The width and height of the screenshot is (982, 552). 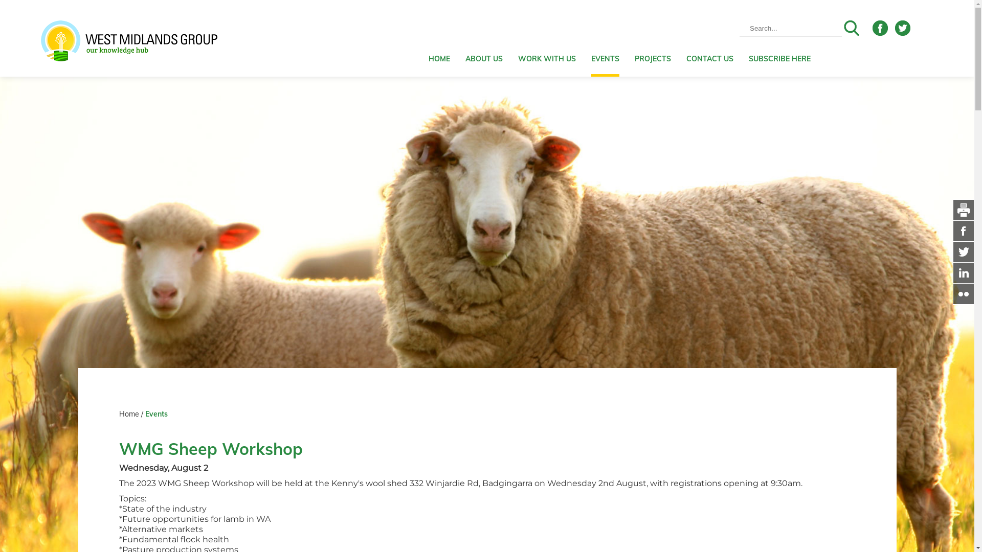 What do you see at coordinates (686, 37) in the screenshot?
I see `'CONTACT US'` at bounding box center [686, 37].